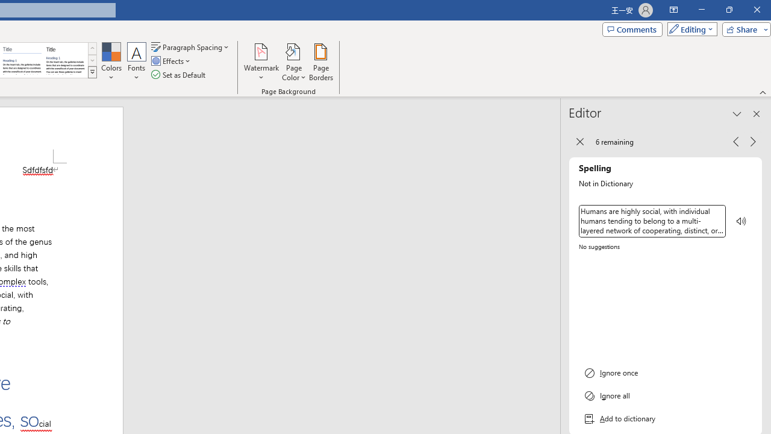 The image size is (771, 434). Describe the element at coordinates (22, 60) in the screenshot. I see `'Word 2010'` at that location.